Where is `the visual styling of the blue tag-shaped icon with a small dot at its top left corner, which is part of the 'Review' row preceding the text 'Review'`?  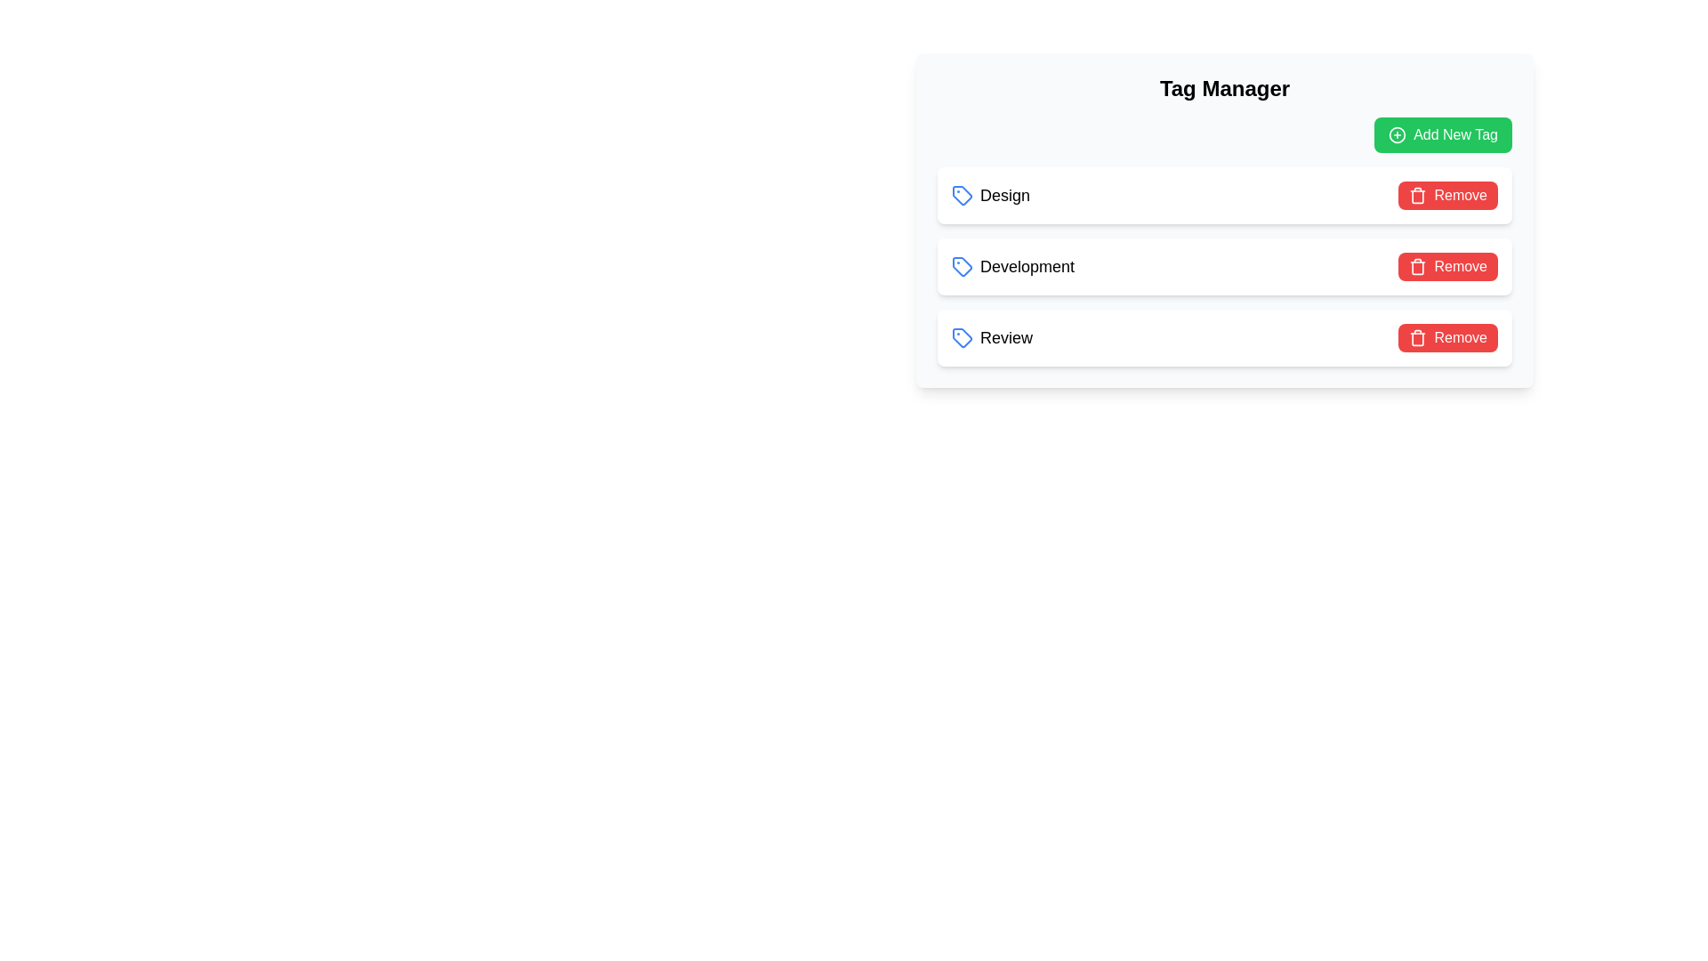
the visual styling of the blue tag-shaped icon with a small dot at its top left corner, which is part of the 'Review' row preceding the text 'Review' is located at coordinates (961, 338).